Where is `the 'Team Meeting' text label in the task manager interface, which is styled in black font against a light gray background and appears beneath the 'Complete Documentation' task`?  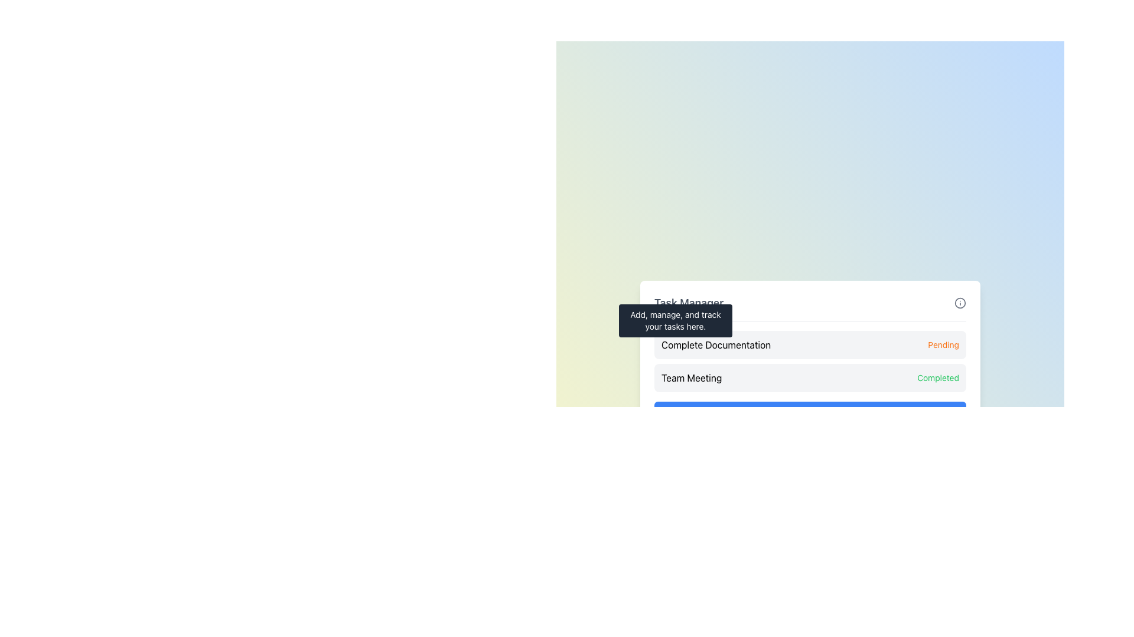 the 'Team Meeting' text label in the task manager interface, which is styled in black font against a light gray background and appears beneath the 'Complete Documentation' task is located at coordinates (692, 377).